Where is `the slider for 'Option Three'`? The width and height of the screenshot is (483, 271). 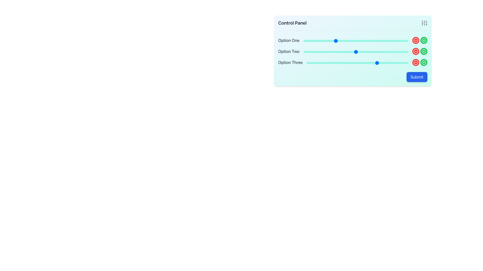 the slider for 'Option Three' is located at coordinates (375, 62).